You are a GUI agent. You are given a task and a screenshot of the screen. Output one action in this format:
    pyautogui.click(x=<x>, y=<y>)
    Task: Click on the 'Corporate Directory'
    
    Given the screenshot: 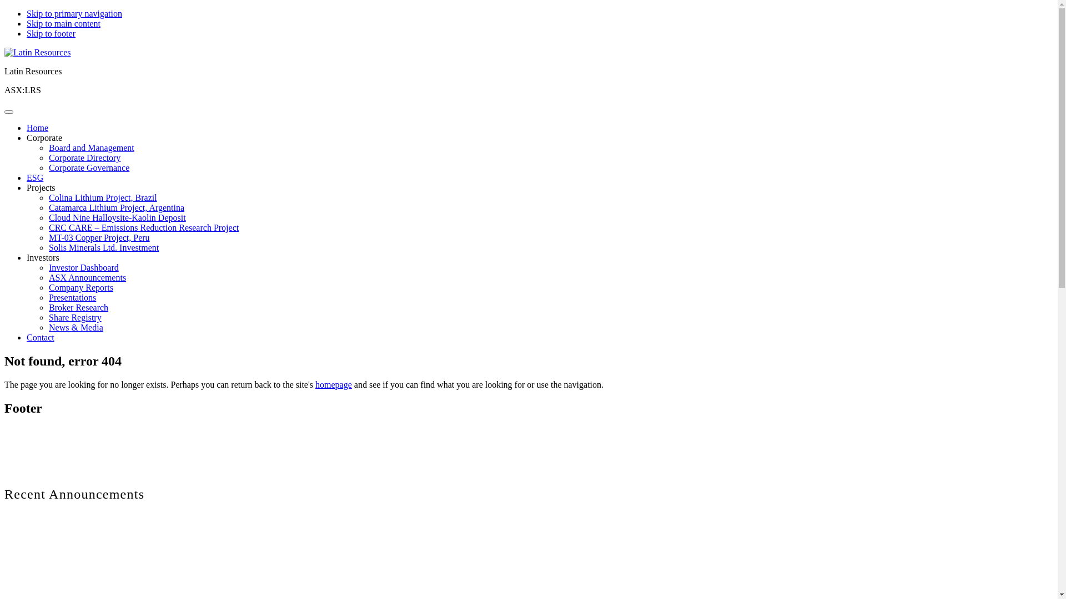 What is the action you would take?
    pyautogui.click(x=84, y=158)
    